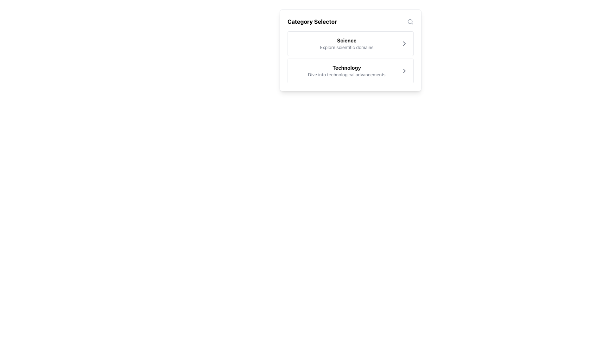  What do you see at coordinates (410, 22) in the screenshot?
I see `the magnifying glass icon in the header section of the category selector box` at bounding box center [410, 22].